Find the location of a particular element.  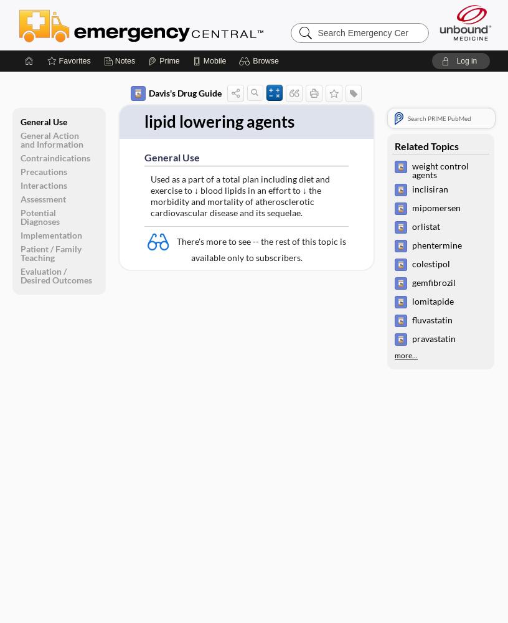

'lipid lowering agents' is located at coordinates (219, 121).